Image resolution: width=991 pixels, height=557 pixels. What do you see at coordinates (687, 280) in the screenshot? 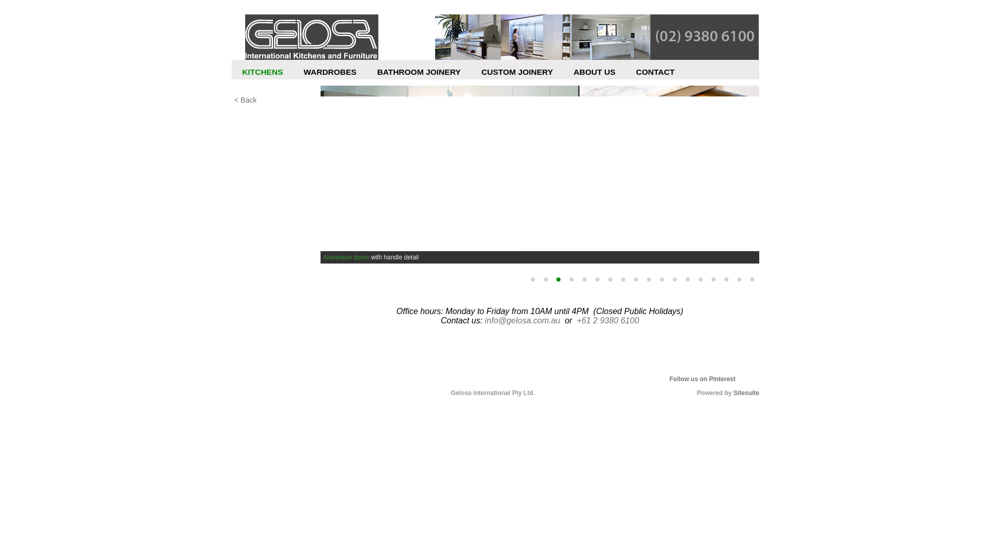
I see `'13'` at bounding box center [687, 280].